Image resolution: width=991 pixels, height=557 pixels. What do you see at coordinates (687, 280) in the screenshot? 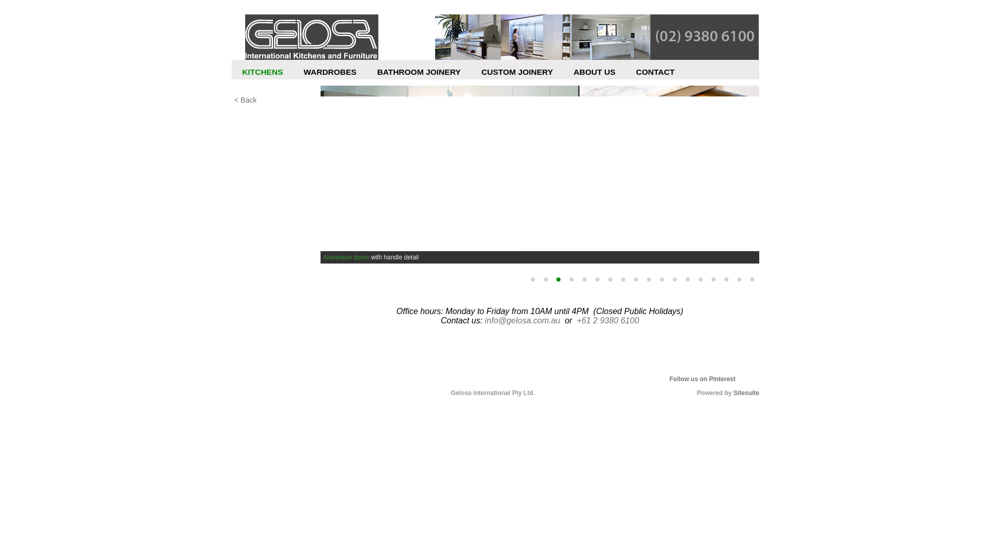
I see `'13'` at bounding box center [687, 280].